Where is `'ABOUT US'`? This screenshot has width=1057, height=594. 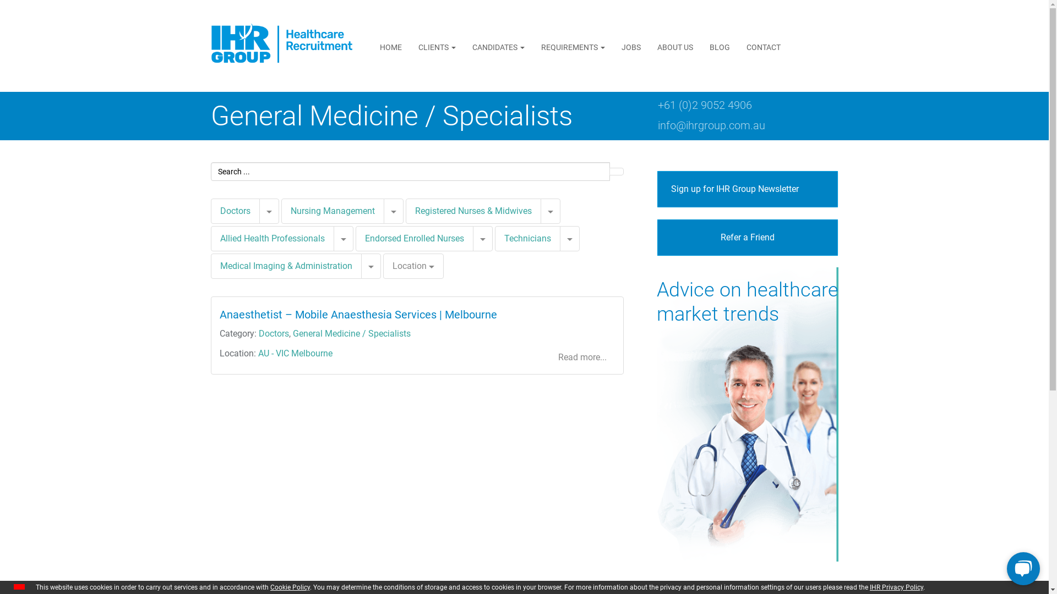
'ABOUT US' is located at coordinates (674, 46).